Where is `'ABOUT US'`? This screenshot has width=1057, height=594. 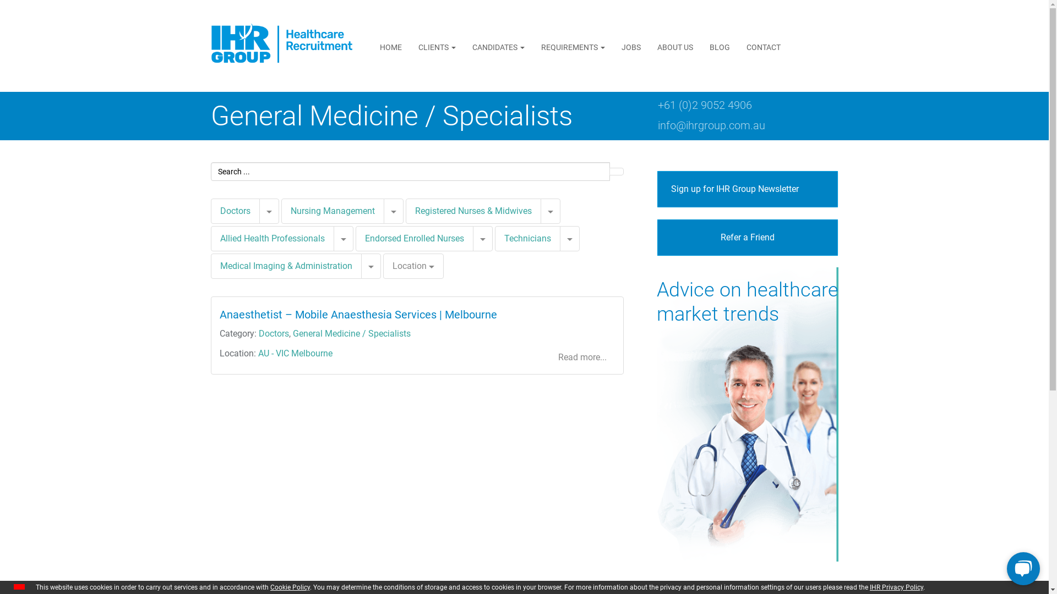
'ABOUT US' is located at coordinates (674, 46).